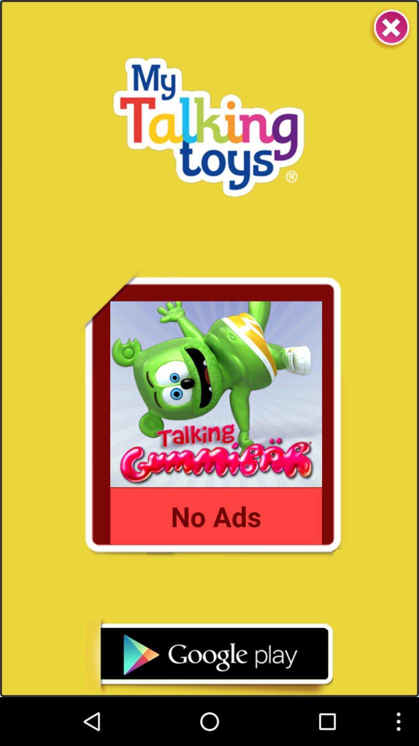 The width and height of the screenshot is (419, 746). What do you see at coordinates (209, 657) in the screenshot?
I see `open google play` at bounding box center [209, 657].